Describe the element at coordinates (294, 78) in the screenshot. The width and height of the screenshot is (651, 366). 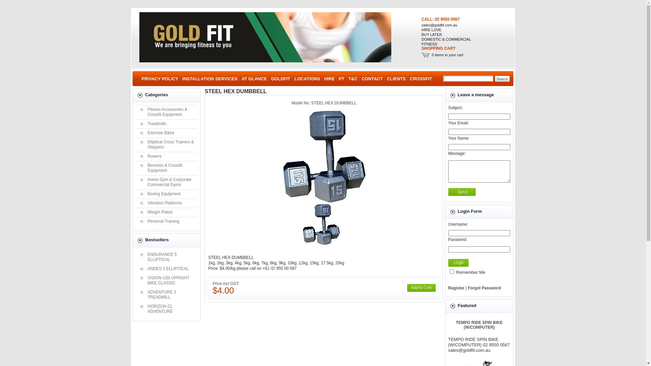
I see `'LOCATIONS'` at that location.